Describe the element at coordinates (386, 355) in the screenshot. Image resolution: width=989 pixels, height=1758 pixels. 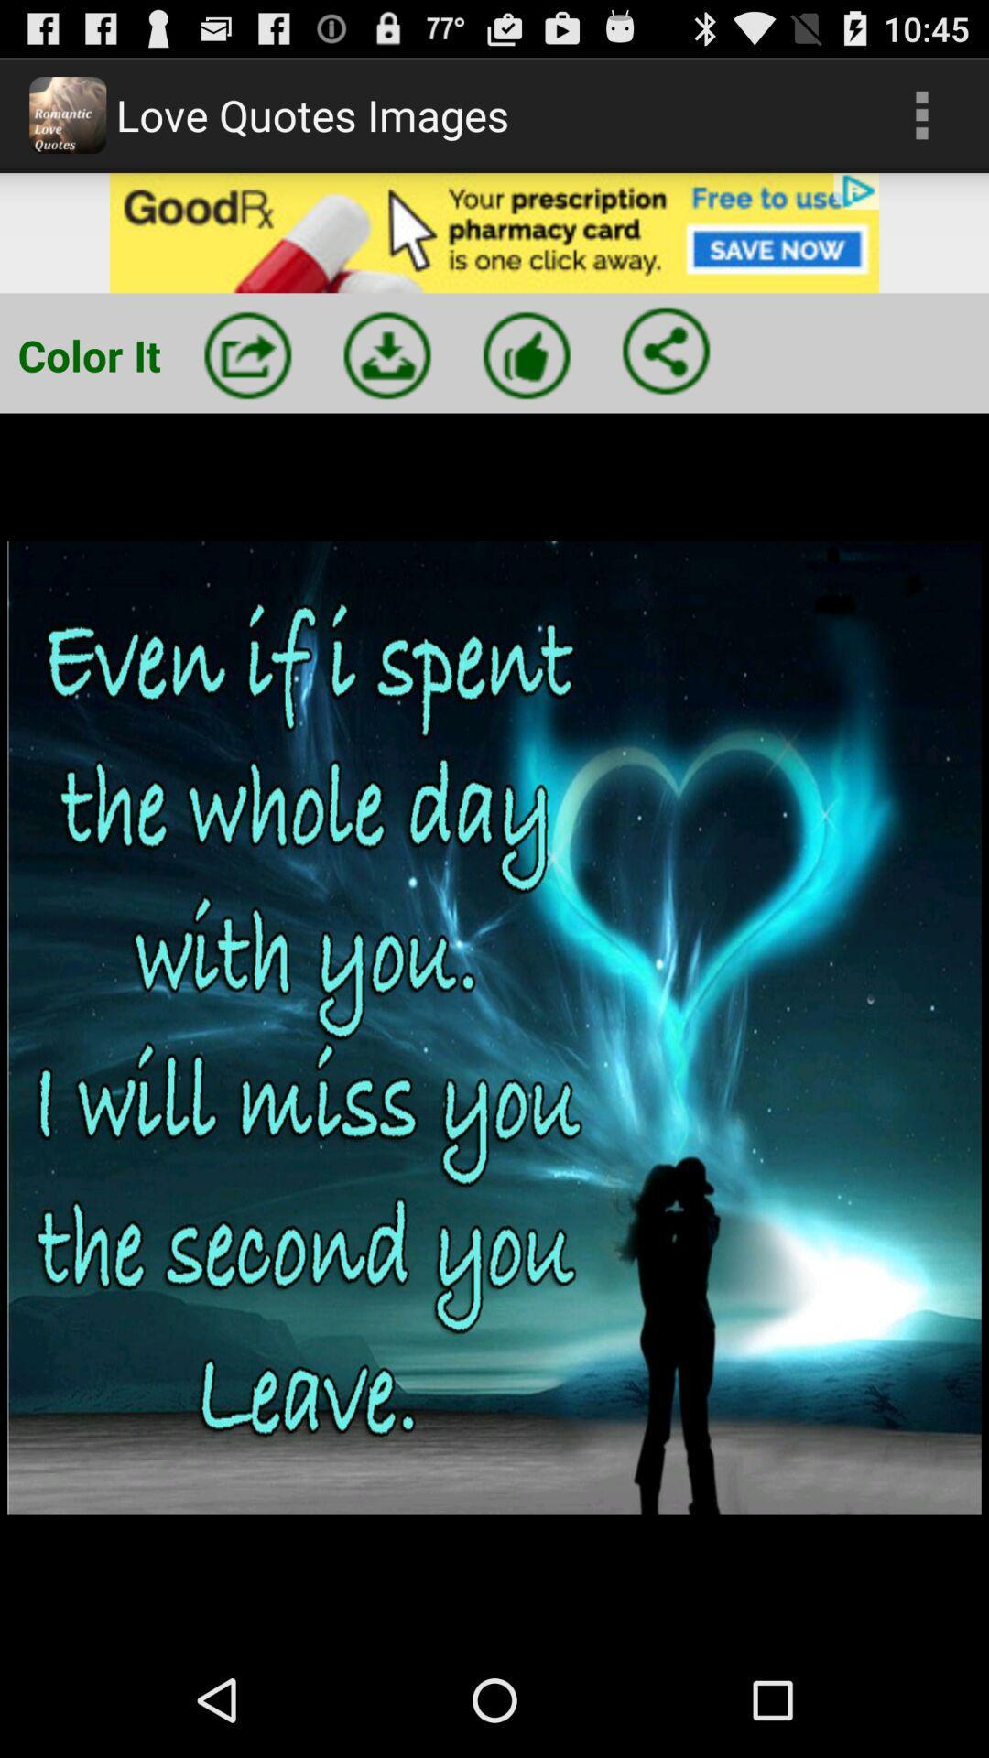
I see `press down arrow button` at that location.